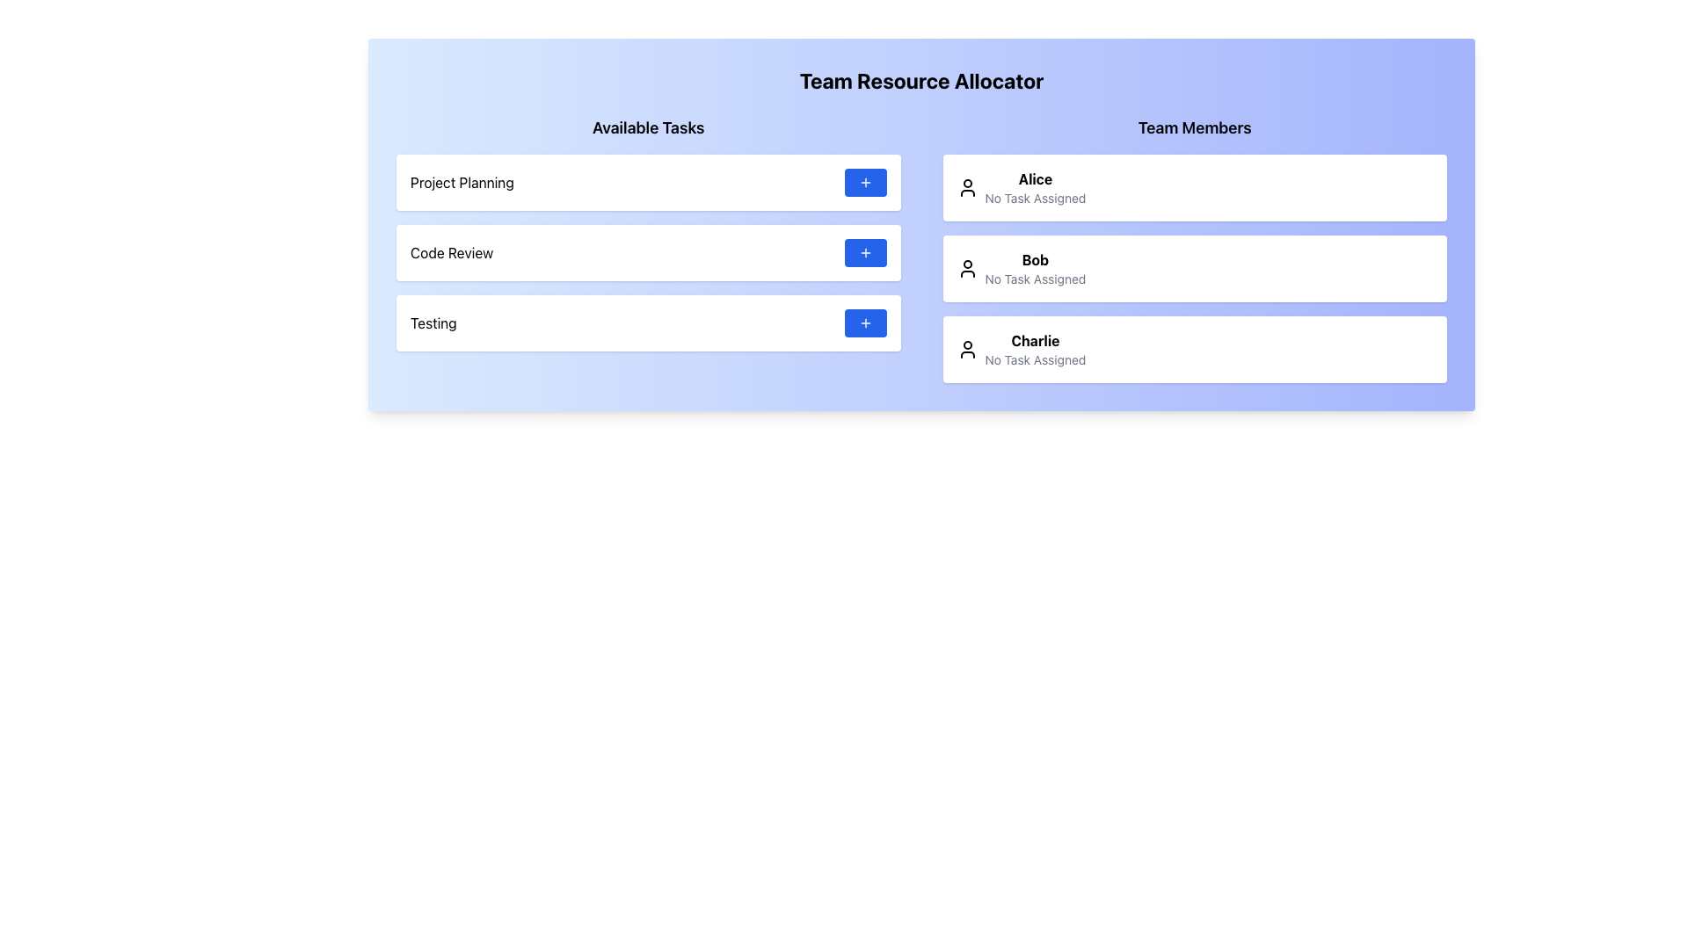  Describe the element at coordinates (865, 253) in the screenshot. I see `the icon located in the middle of the blue rounded rectangle button adjacent to the text 'Code Review' in the 'Available Tasks' column` at that location.